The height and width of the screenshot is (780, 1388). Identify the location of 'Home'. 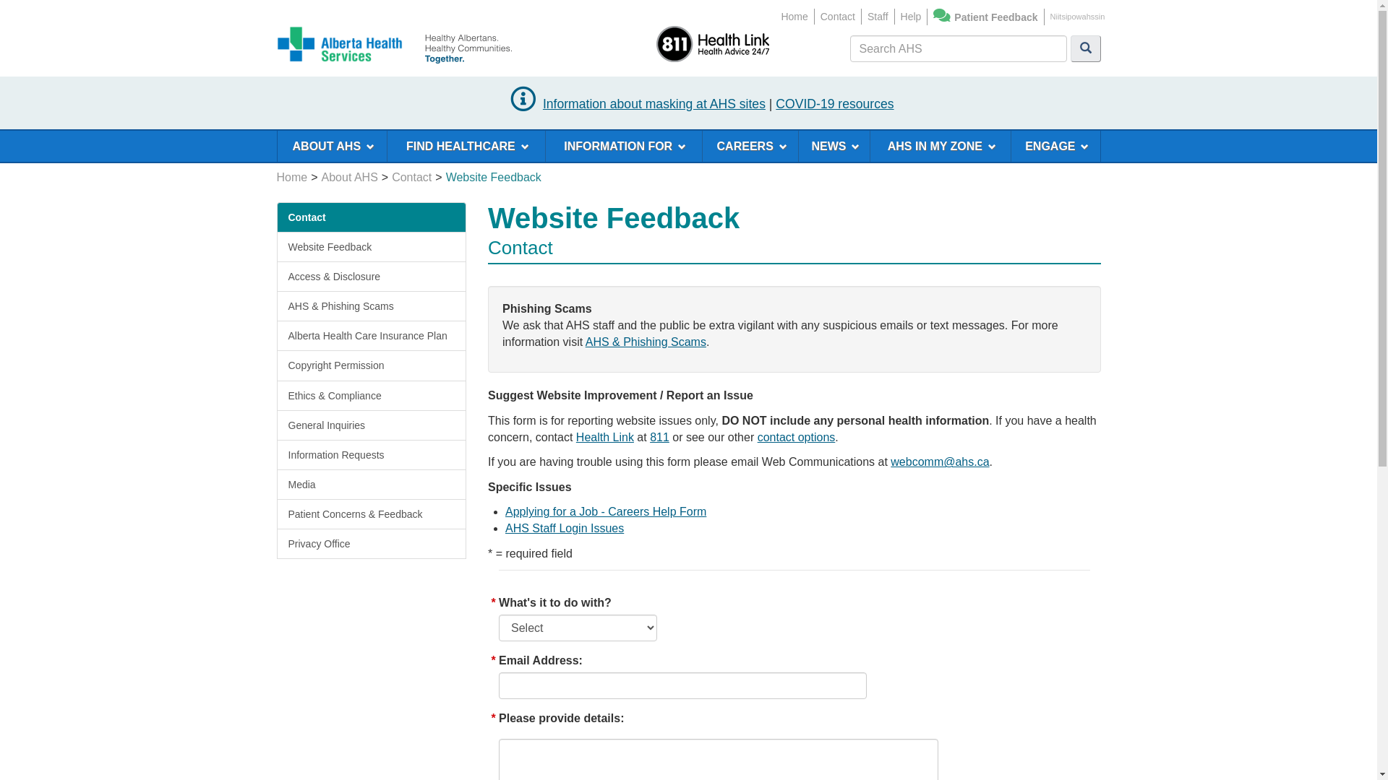
(793, 17).